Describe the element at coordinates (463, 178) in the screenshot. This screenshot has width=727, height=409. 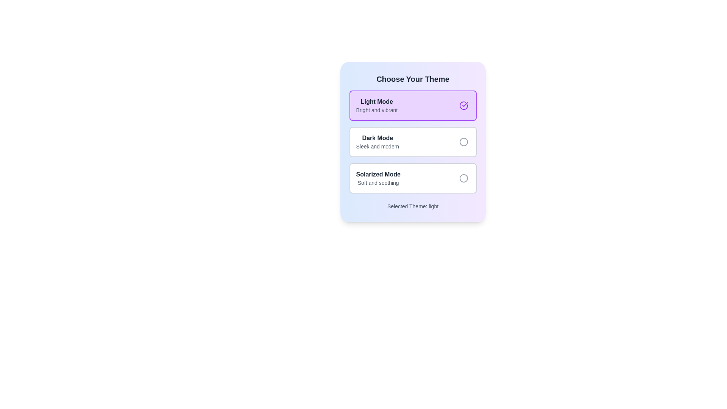
I see `the gray circular outline radio button associated with the label 'Solarized Mode' in the 'Choose Your Theme' panel` at that location.